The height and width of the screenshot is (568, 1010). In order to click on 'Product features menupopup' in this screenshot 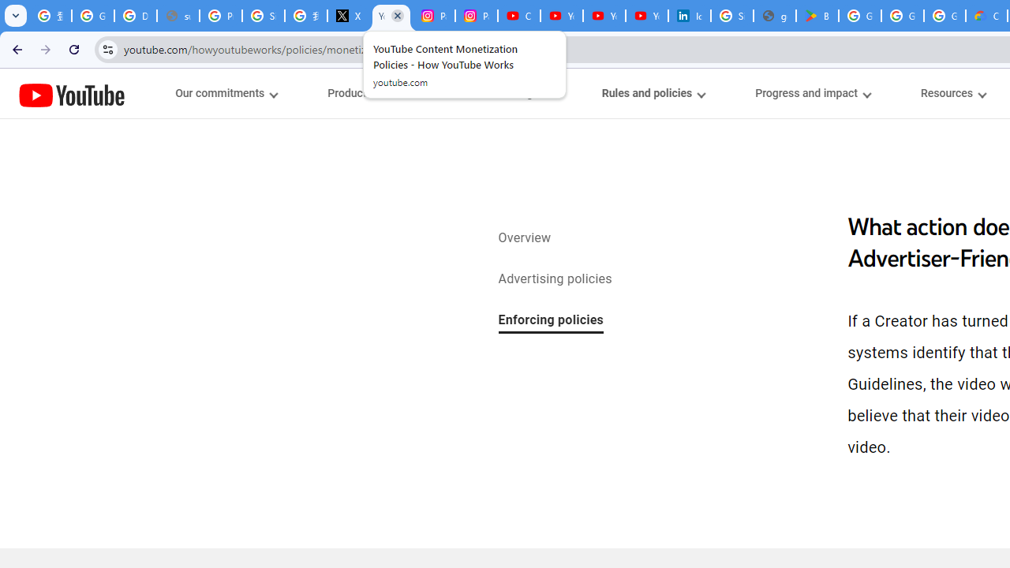, I will do `click(374, 93)`.